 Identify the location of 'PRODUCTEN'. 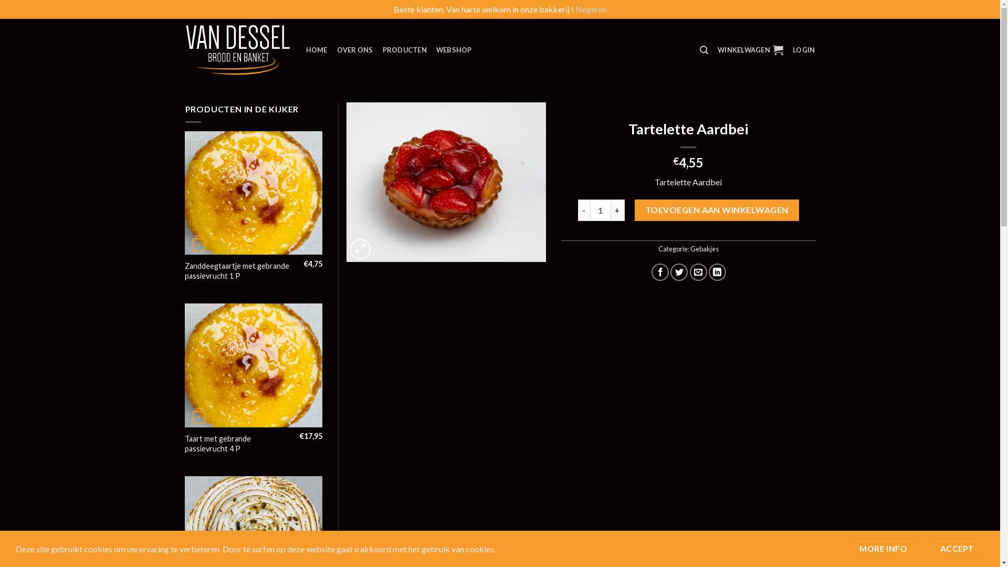
(404, 50).